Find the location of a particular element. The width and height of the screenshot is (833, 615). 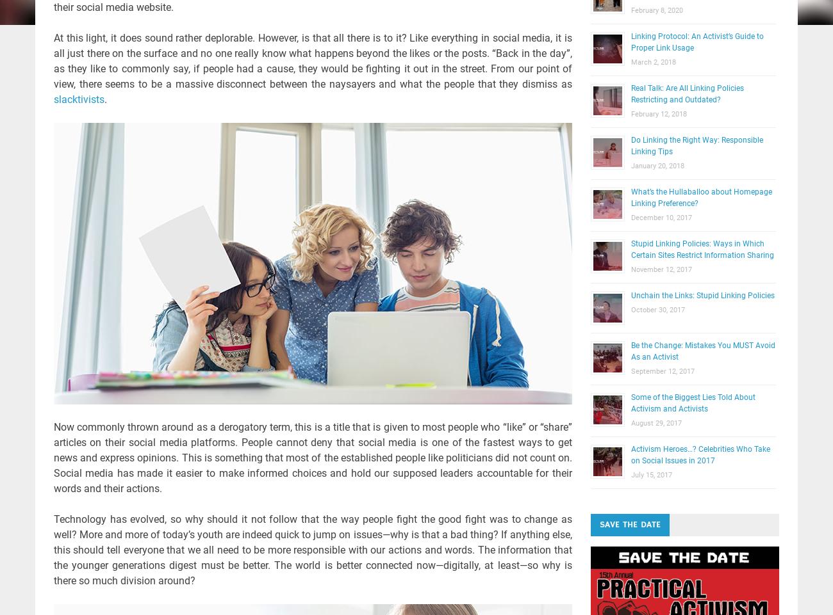

'Some of the Biggest Lies Told About Activism and Activists' is located at coordinates (692, 403).